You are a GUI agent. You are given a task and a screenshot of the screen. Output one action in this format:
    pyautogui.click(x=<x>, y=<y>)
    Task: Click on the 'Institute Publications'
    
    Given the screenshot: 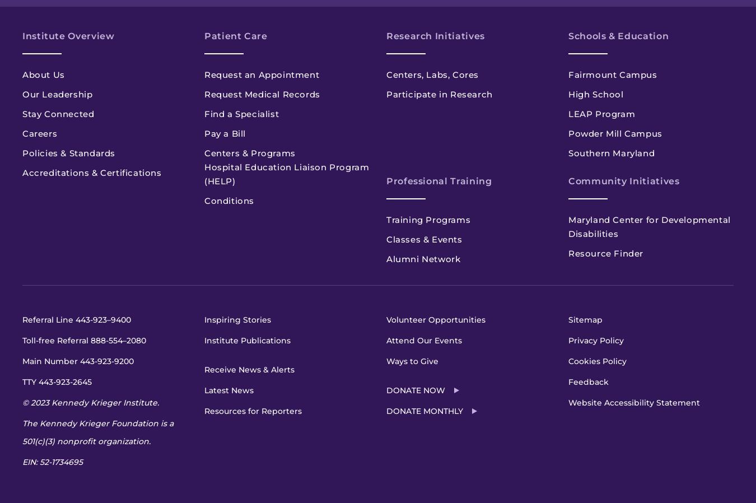 What is the action you would take?
    pyautogui.click(x=204, y=340)
    